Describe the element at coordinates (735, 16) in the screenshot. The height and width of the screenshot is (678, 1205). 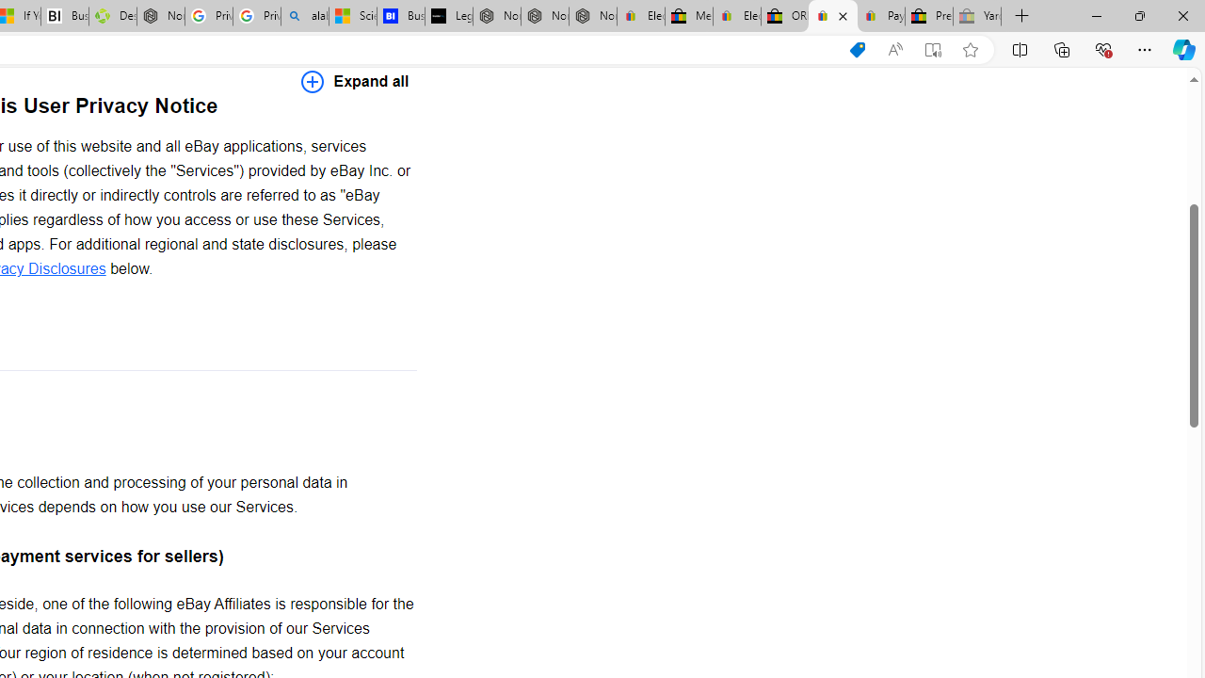
I see `'Electronics, Cars, Fashion, Collectibles & More | eBay'` at that location.